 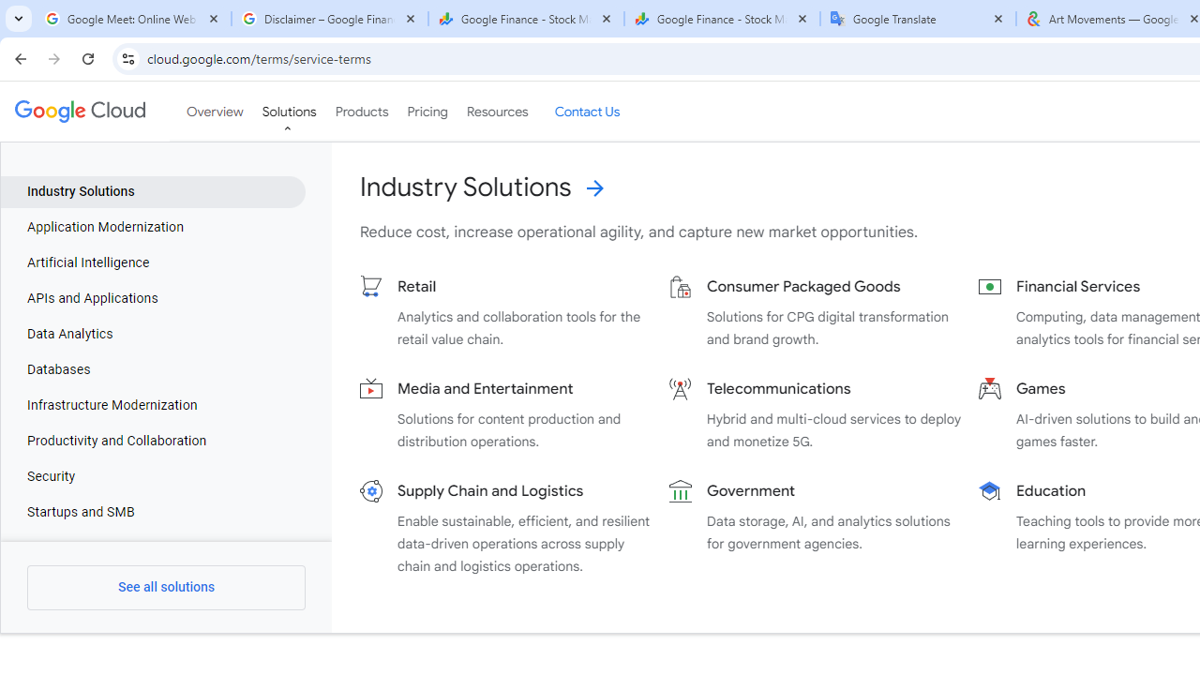 I want to click on 'Resources', so click(x=497, y=112).